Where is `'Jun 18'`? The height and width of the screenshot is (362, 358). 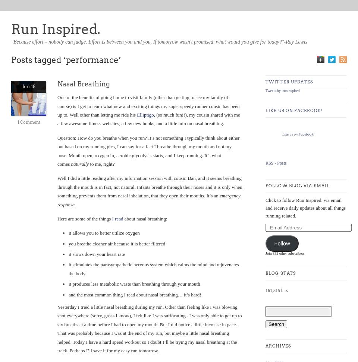 'Jun 18' is located at coordinates (28, 86).